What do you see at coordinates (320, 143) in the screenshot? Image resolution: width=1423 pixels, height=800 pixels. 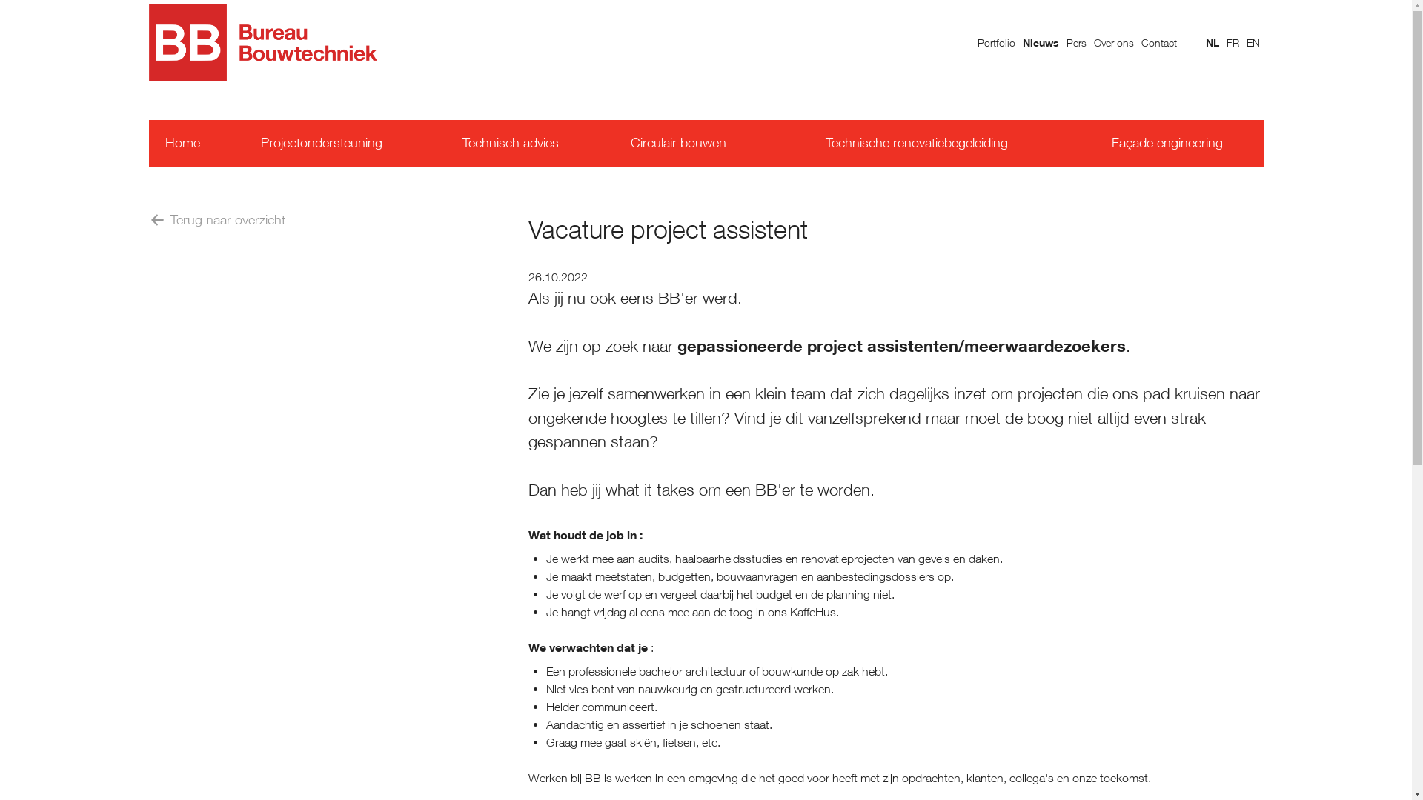 I see `'Projectondersteuning'` at bounding box center [320, 143].